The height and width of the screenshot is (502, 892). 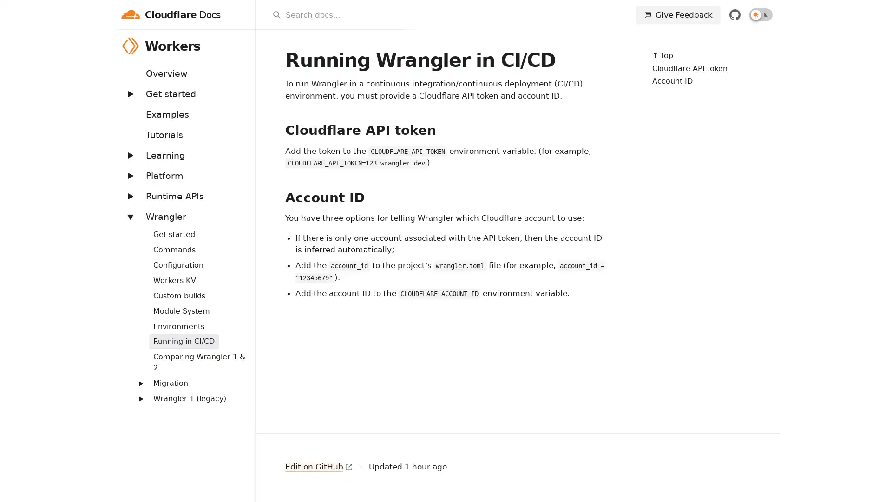 I want to click on Expand: Migration, so click(x=140, y=383).